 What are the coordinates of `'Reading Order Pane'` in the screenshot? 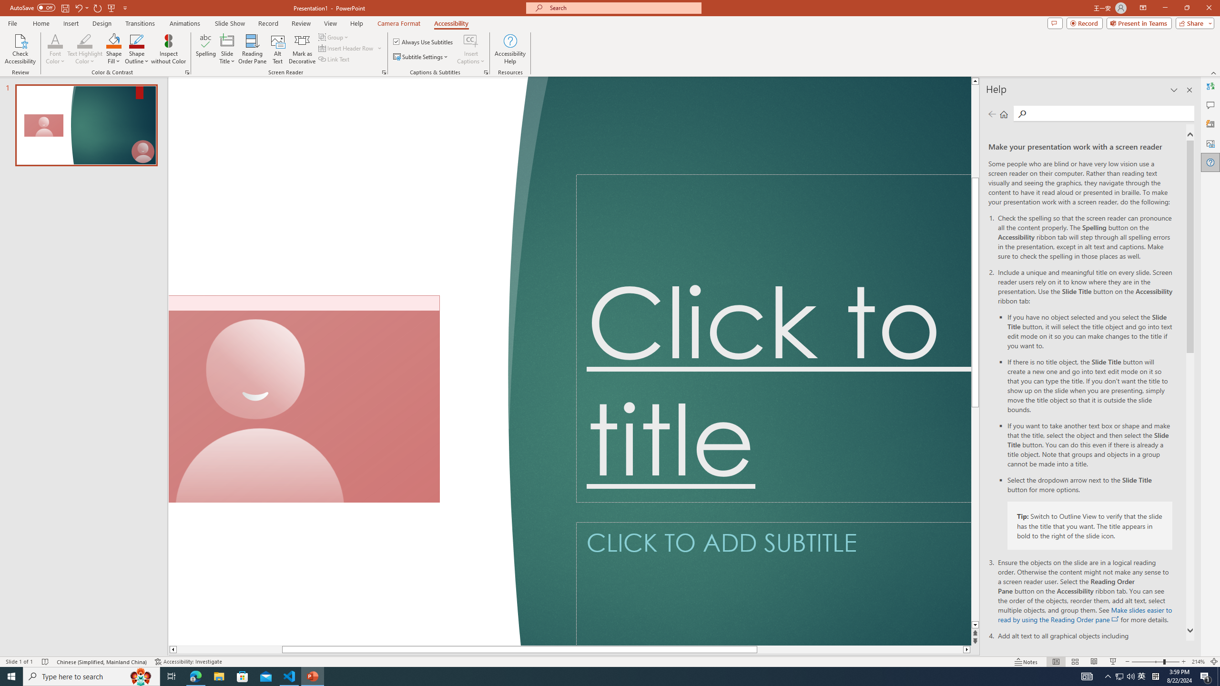 It's located at (253, 49).